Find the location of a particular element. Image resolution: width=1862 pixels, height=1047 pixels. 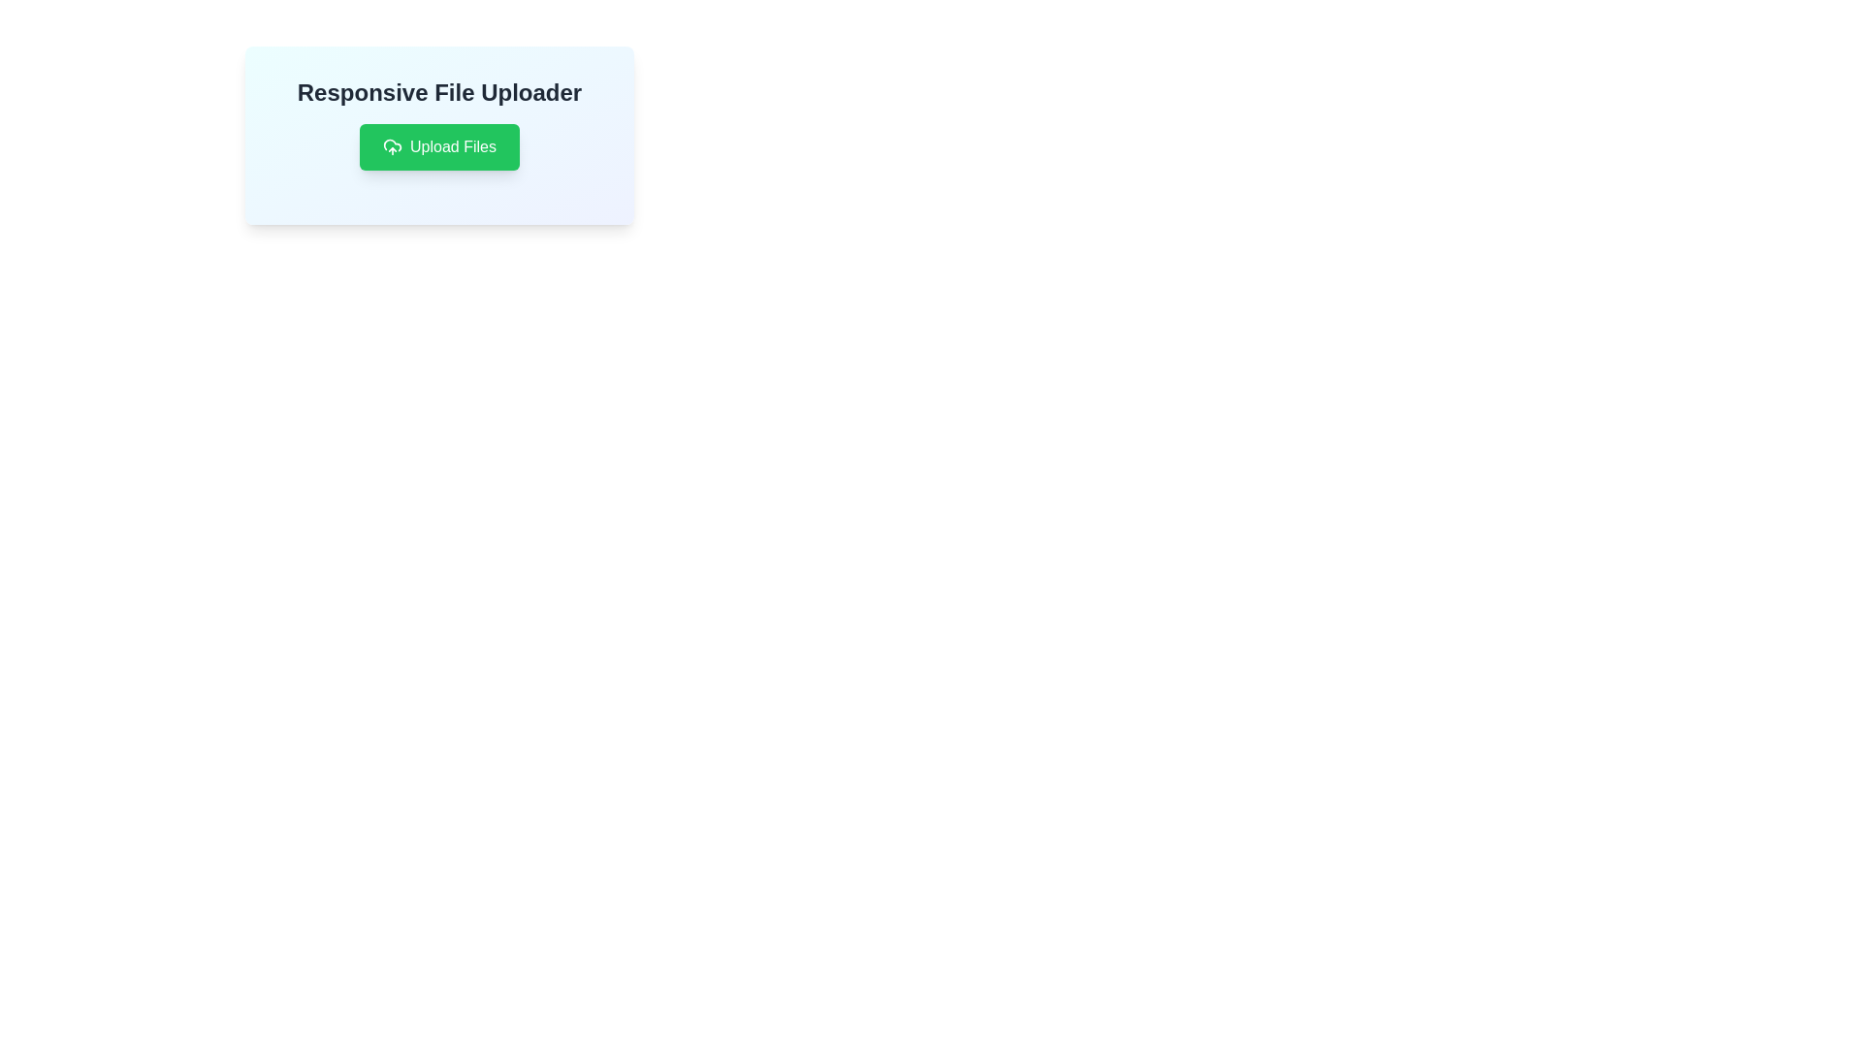

the green upload button labeled 'Upload Files' with a white cloud icon to initiate the file upload process is located at coordinates (438, 145).